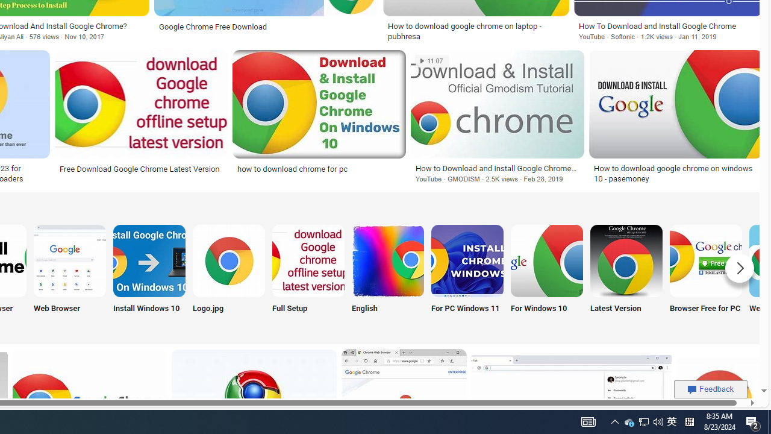  What do you see at coordinates (229, 260) in the screenshot?
I see `'Google Chrome Logo Jpg Download'` at bounding box center [229, 260].